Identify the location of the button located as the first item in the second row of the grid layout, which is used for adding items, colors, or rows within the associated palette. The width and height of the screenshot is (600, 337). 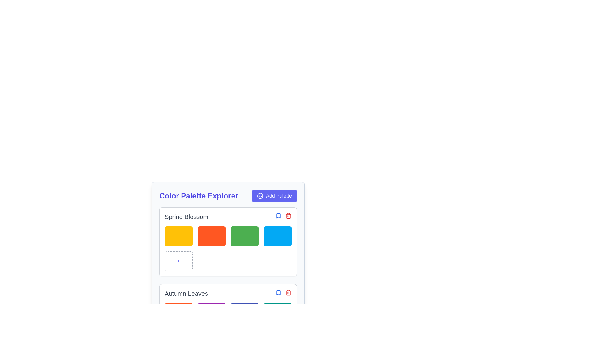
(178, 261).